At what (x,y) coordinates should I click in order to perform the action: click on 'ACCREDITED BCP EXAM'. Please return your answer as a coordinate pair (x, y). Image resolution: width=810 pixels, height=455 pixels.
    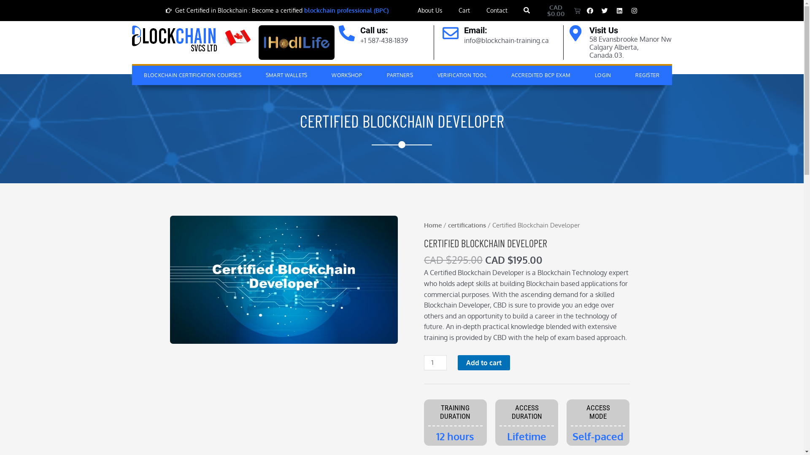
    Looking at the image, I should click on (499, 75).